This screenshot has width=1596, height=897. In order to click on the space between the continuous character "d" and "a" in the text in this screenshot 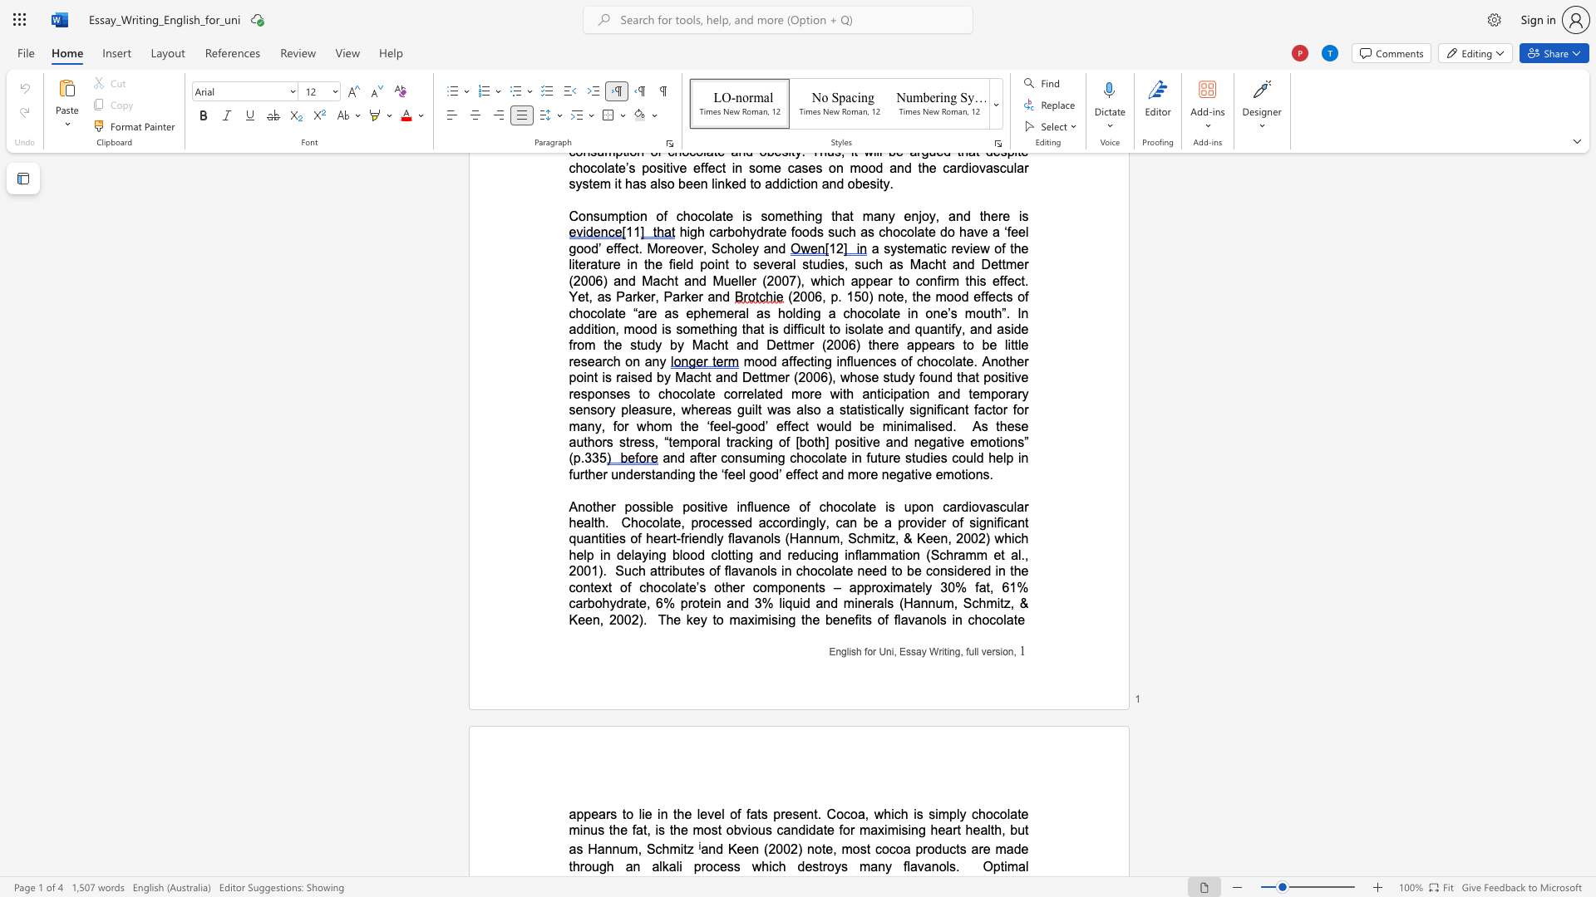, I will do `click(815, 830)`.